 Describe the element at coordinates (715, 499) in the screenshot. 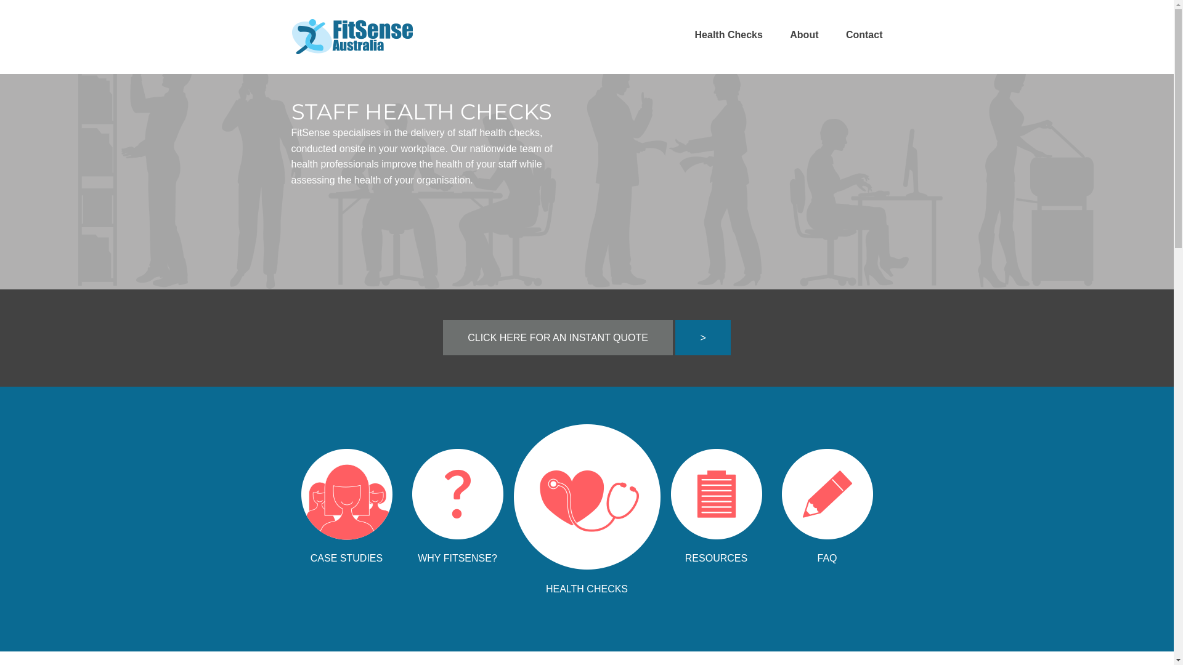

I see `'RESOURCES'` at that location.